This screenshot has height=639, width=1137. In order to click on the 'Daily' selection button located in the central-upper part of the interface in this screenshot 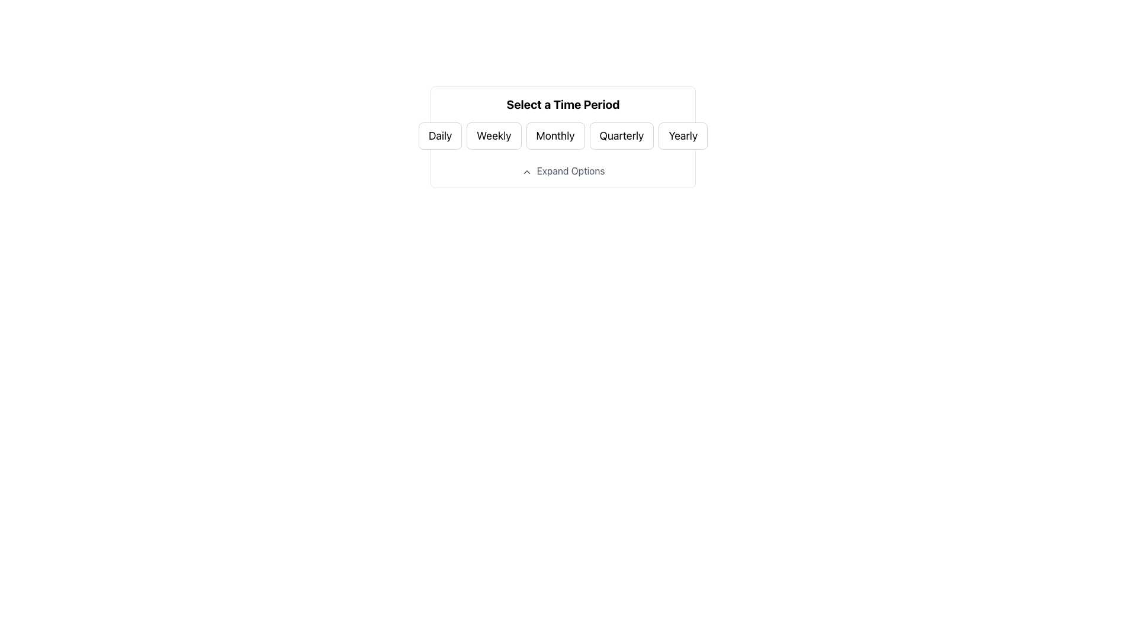, I will do `click(439, 135)`.